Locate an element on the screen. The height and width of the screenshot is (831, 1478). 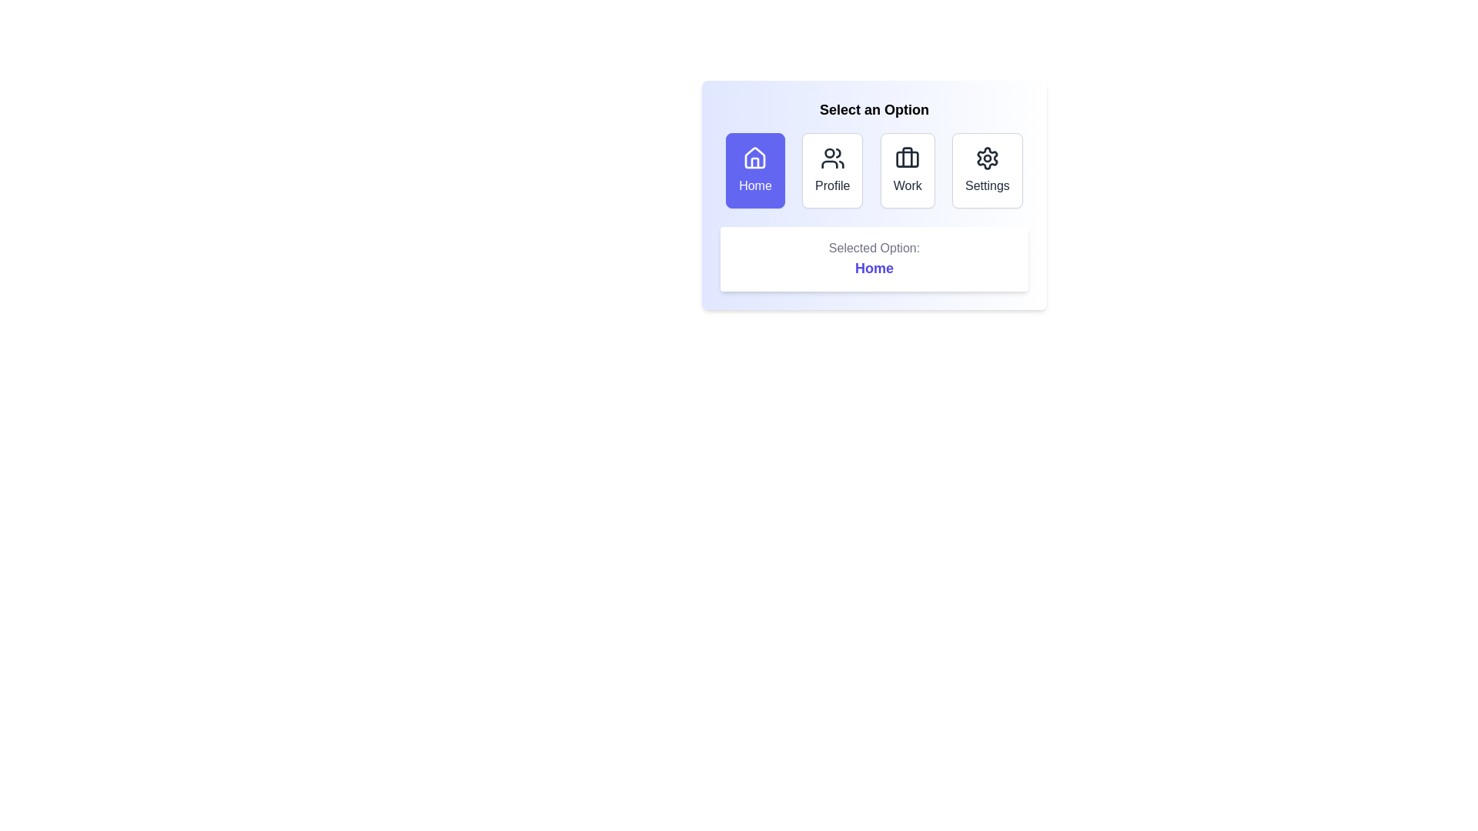
the Settings button to select it is located at coordinates (987, 171).